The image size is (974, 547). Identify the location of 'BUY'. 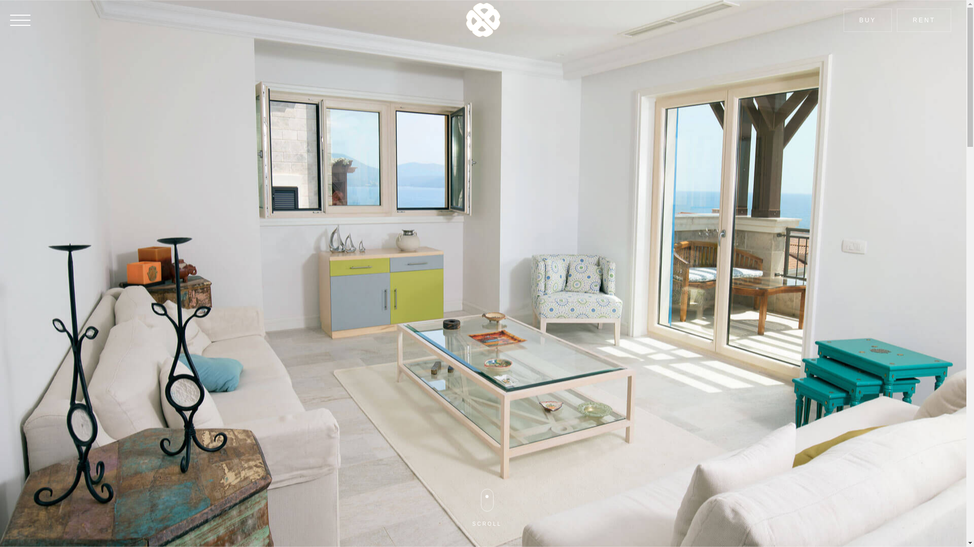
(843, 20).